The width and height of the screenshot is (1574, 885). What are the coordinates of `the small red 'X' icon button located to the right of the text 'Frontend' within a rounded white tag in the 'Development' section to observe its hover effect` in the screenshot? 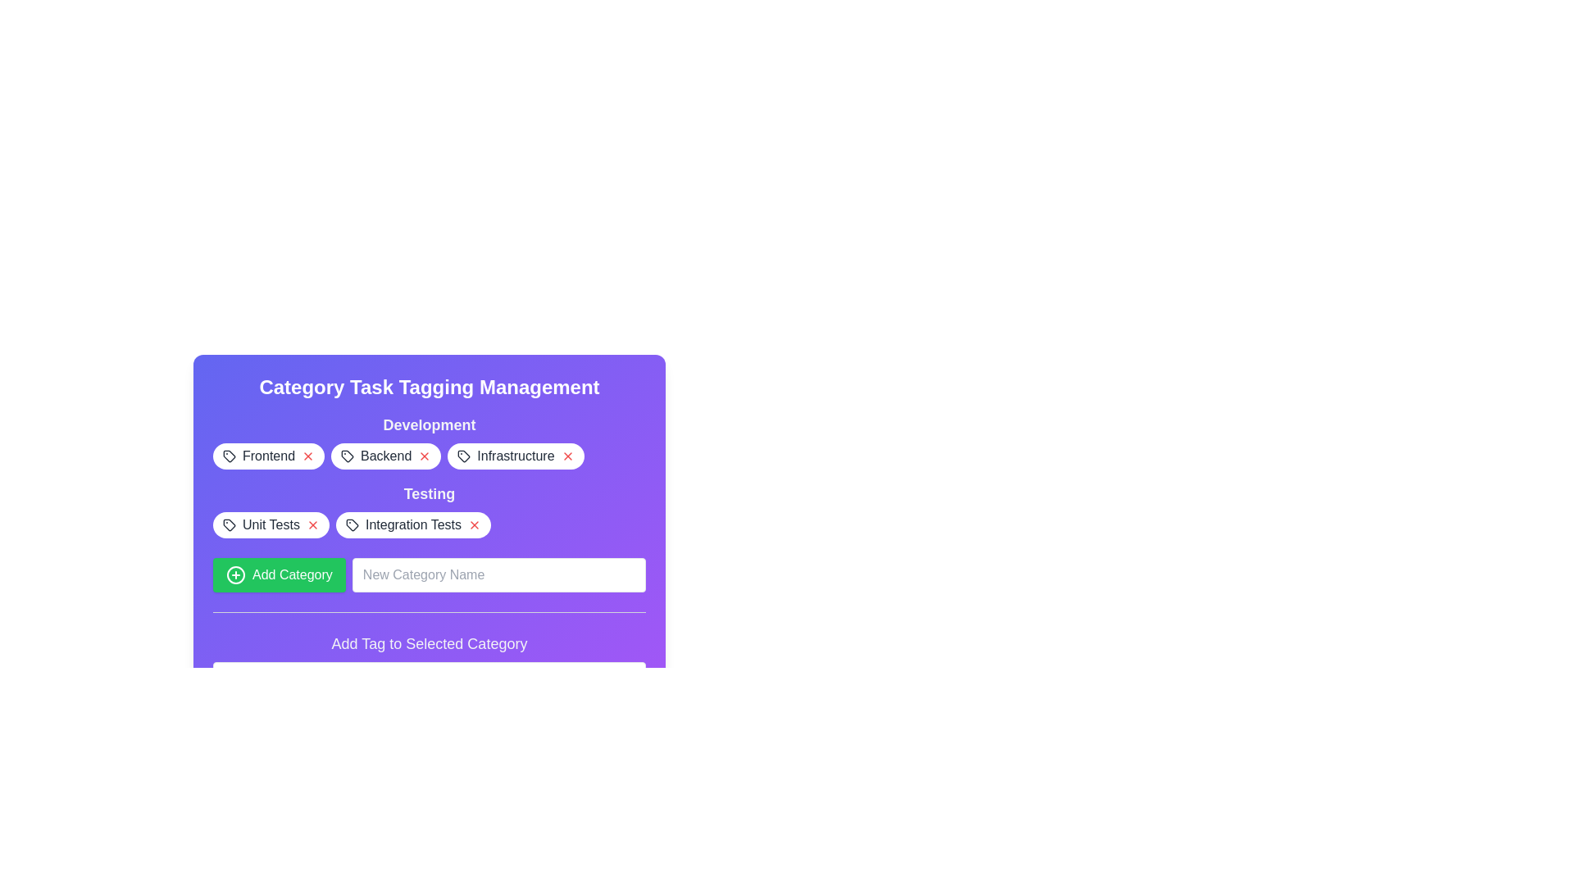 It's located at (308, 456).